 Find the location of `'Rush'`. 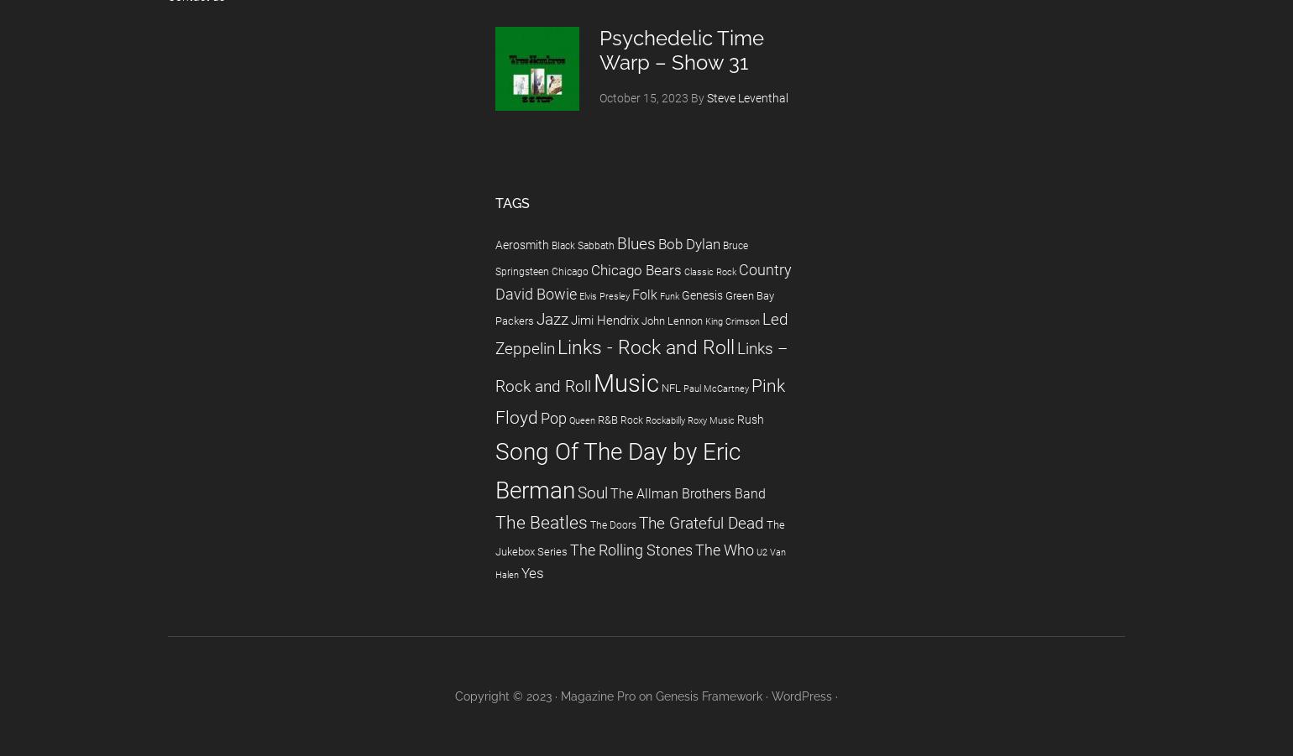

'Rush' is located at coordinates (750, 419).